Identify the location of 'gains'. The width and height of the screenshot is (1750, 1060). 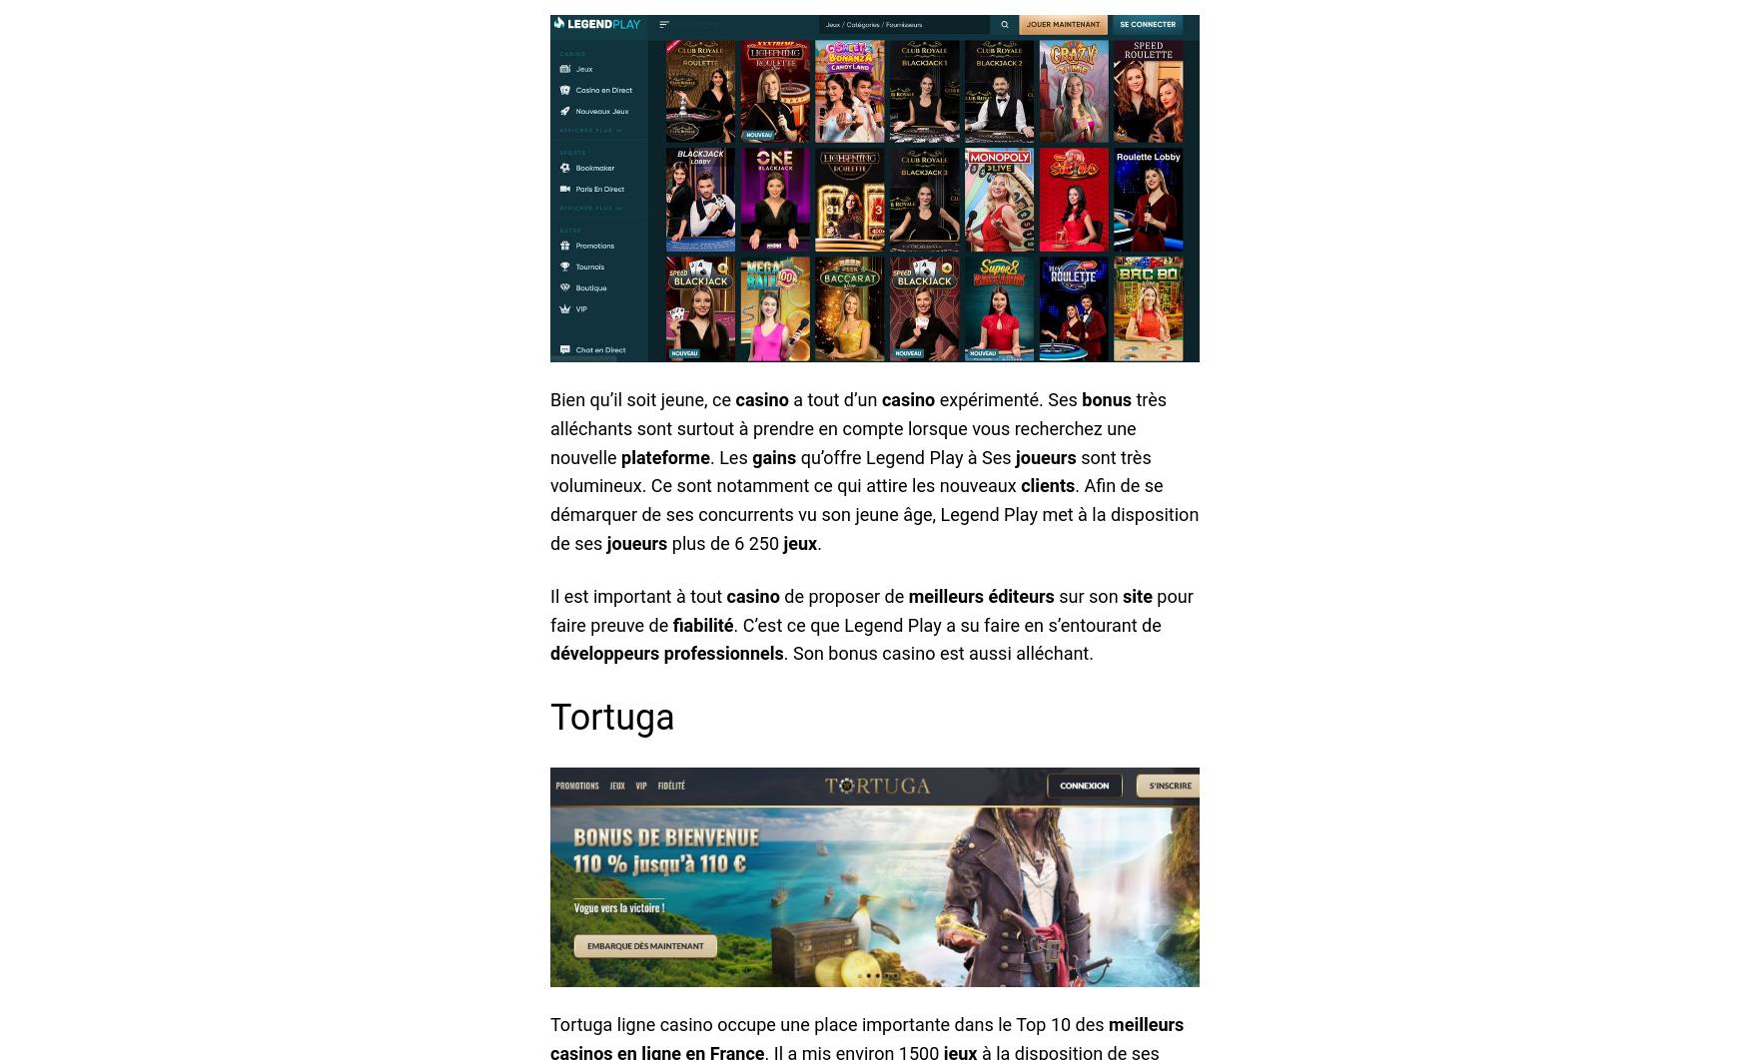
(774, 455).